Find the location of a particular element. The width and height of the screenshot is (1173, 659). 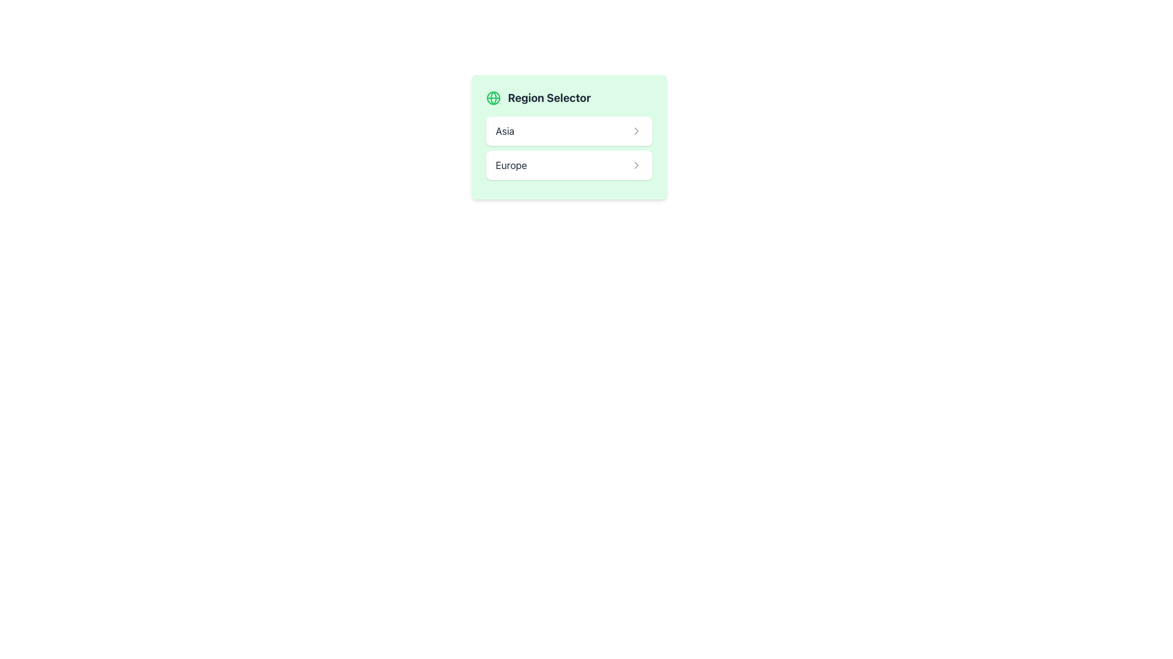

the first selection button within the green background panel titled 'Region Selector' is located at coordinates (568, 137).